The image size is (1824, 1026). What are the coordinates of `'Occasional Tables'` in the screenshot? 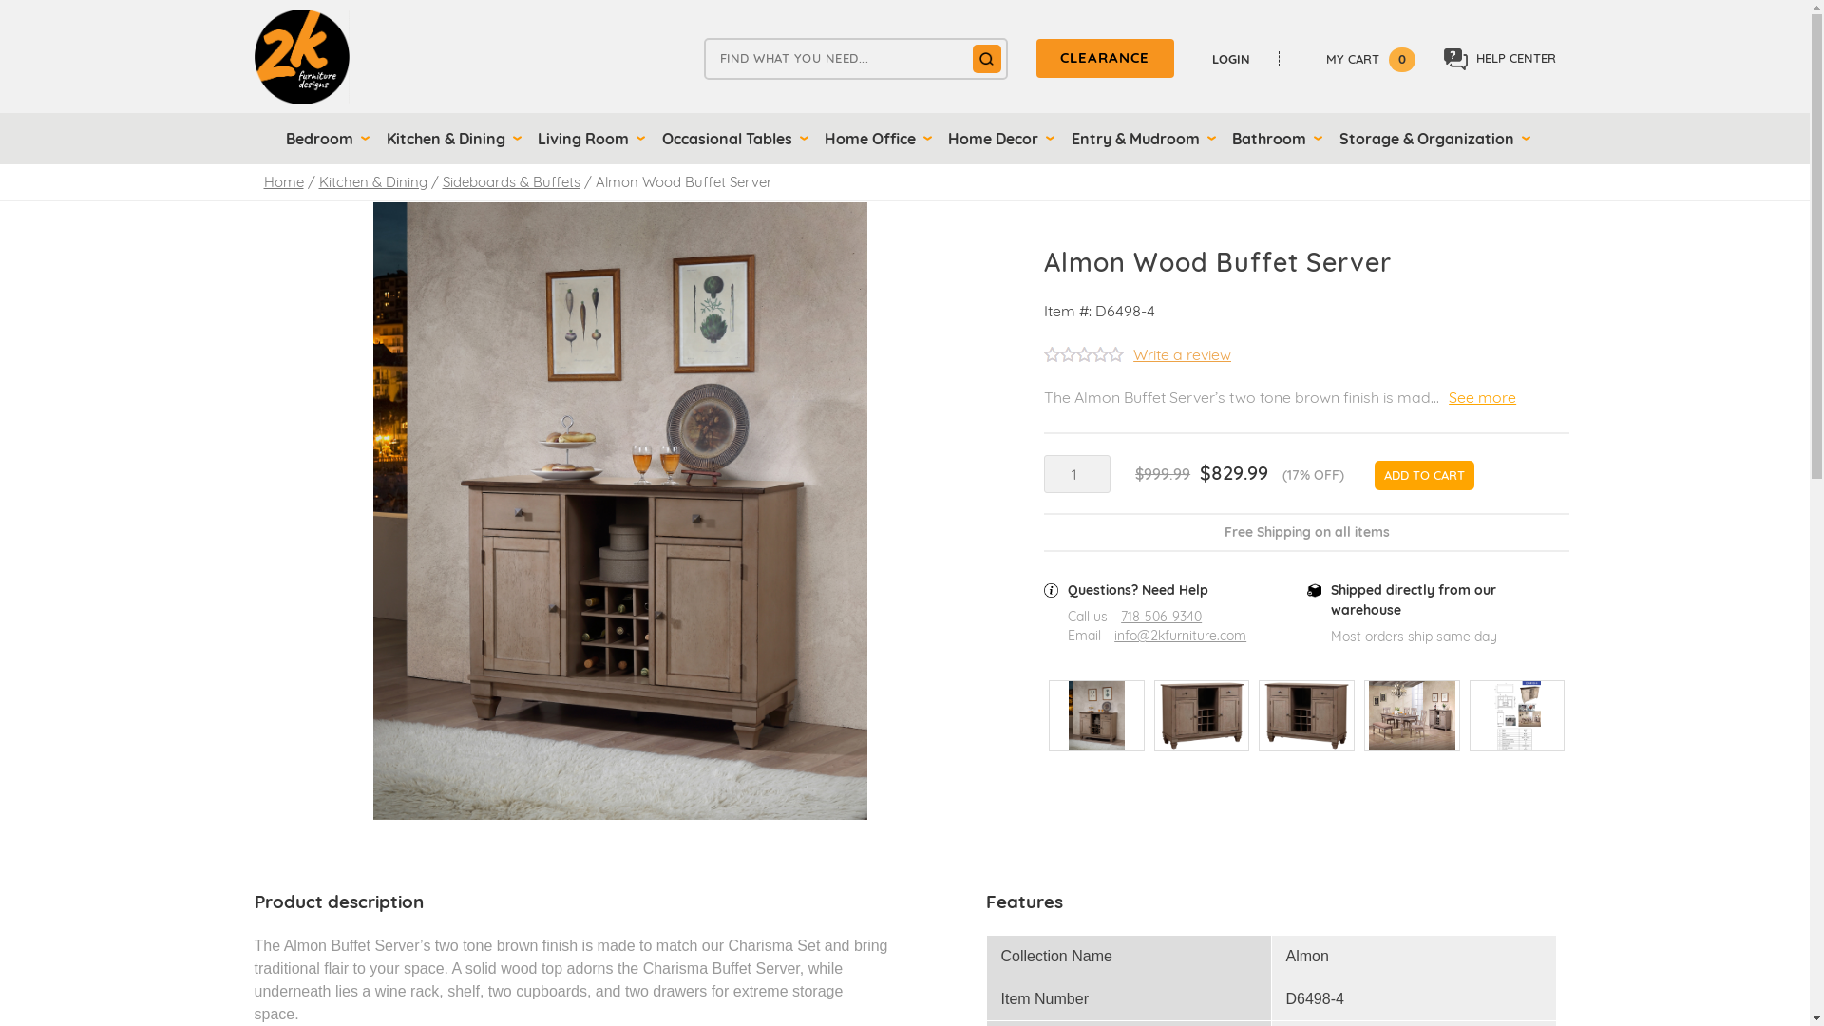 It's located at (731, 138).